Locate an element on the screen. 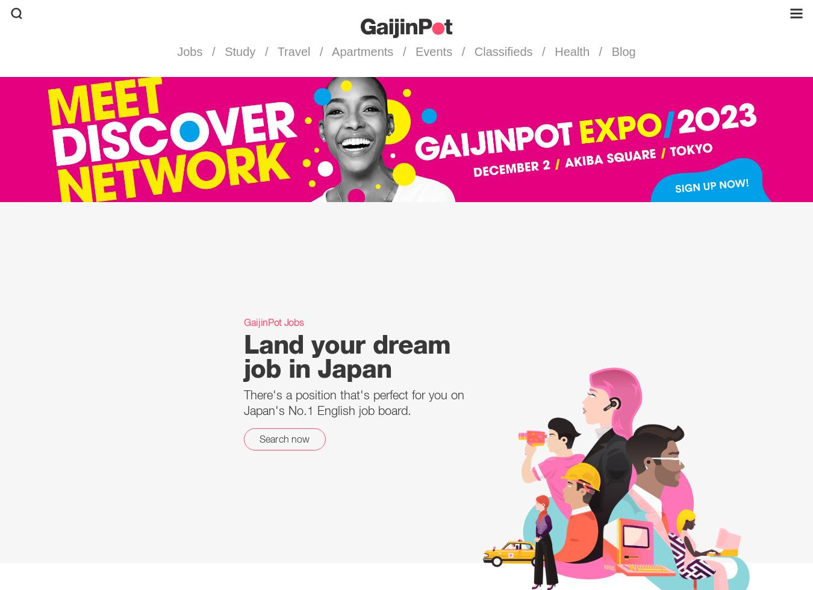 This screenshot has width=813, height=590. 'Search now' is located at coordinates (284, 438).